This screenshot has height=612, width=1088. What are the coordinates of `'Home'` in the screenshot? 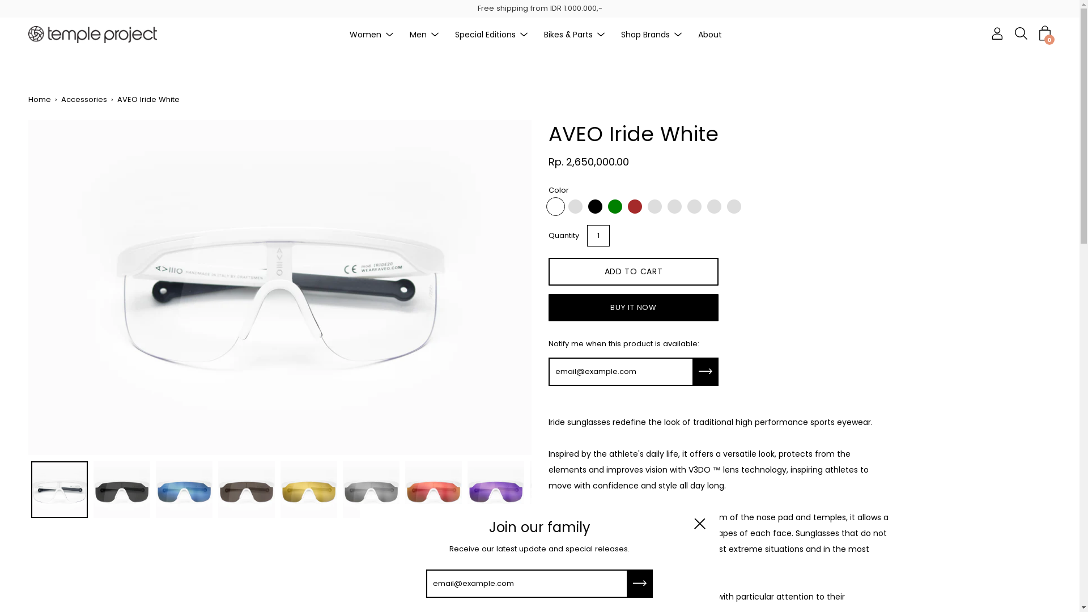 It's located at (41, 99).